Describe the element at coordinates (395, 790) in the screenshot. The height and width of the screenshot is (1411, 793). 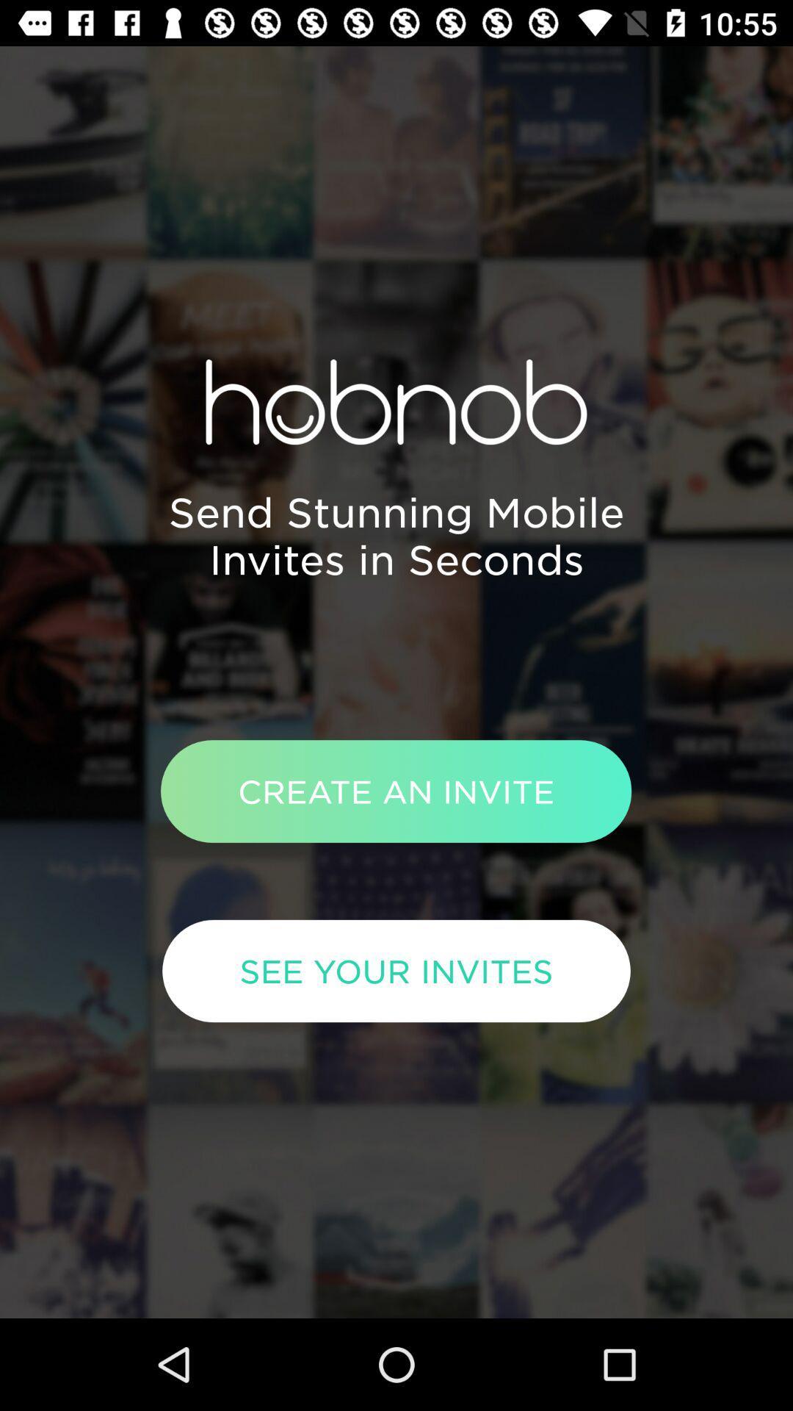
I see `item above the see your invites icon` at that location.